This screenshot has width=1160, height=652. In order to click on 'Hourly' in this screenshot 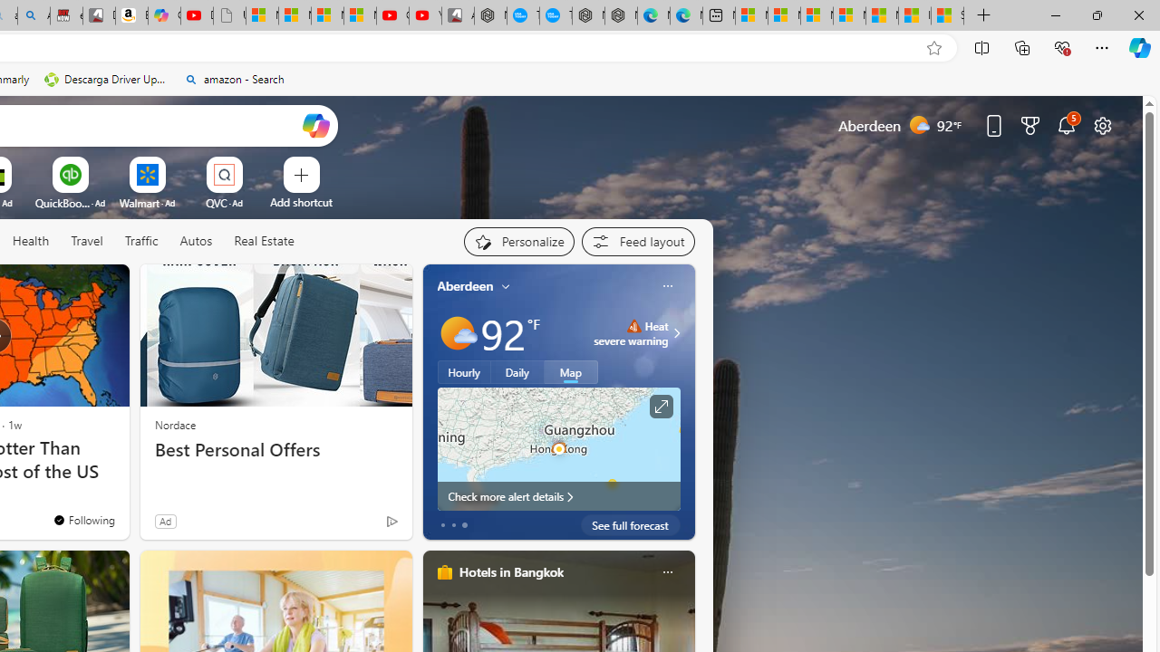, I will do `click(464, 371)`.